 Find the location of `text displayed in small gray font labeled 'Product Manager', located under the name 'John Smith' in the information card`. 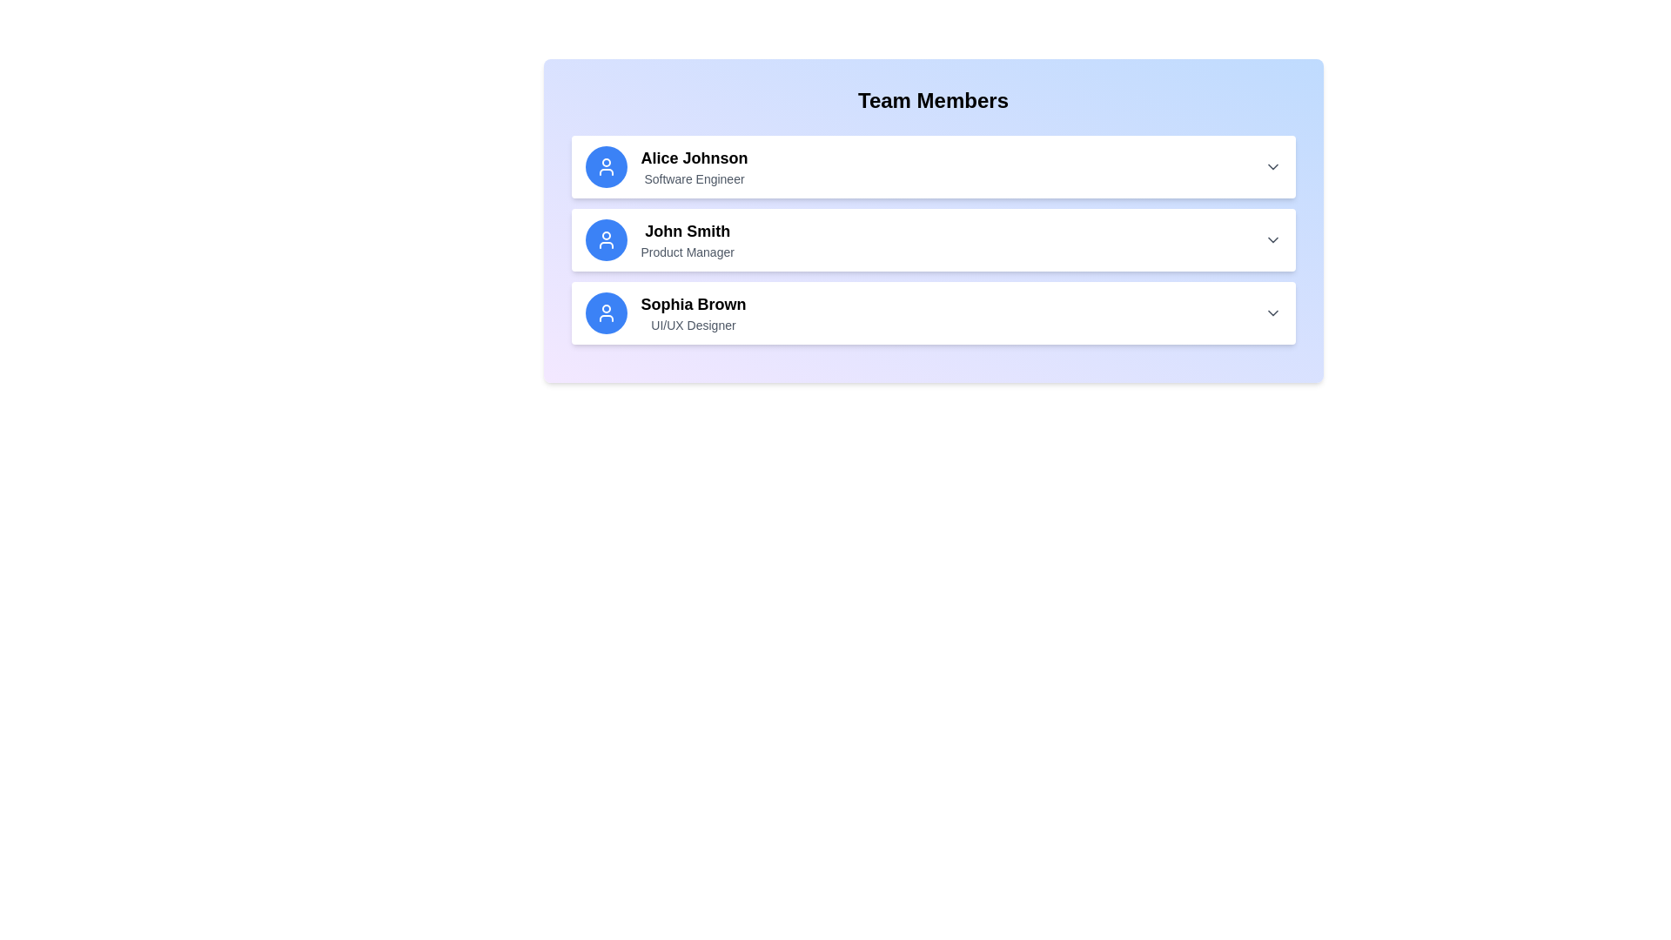

text displayed in small gray font labeled 'Product Manager', located under the name 'John Smith' in the information card is located at coordinates (687, 252).